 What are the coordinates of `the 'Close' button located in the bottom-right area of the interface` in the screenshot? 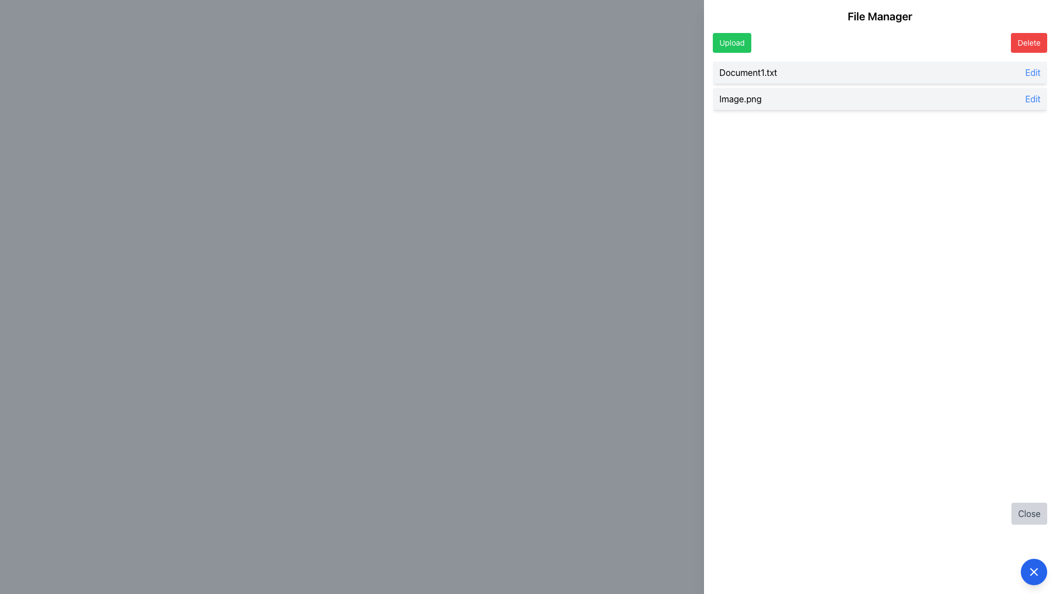 It's located at (1028, 513).